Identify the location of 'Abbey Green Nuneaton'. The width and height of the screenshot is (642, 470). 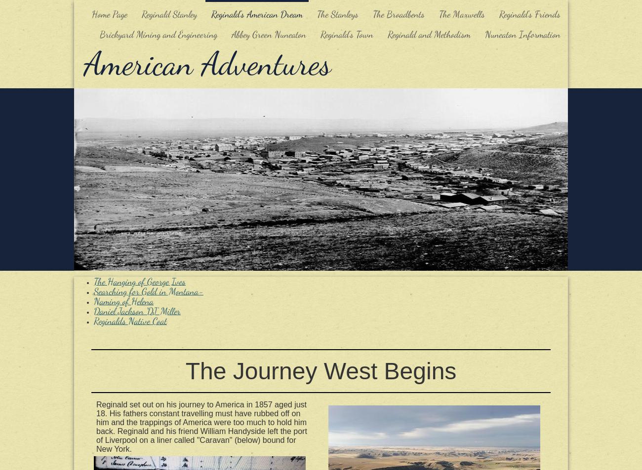
(268, 34).